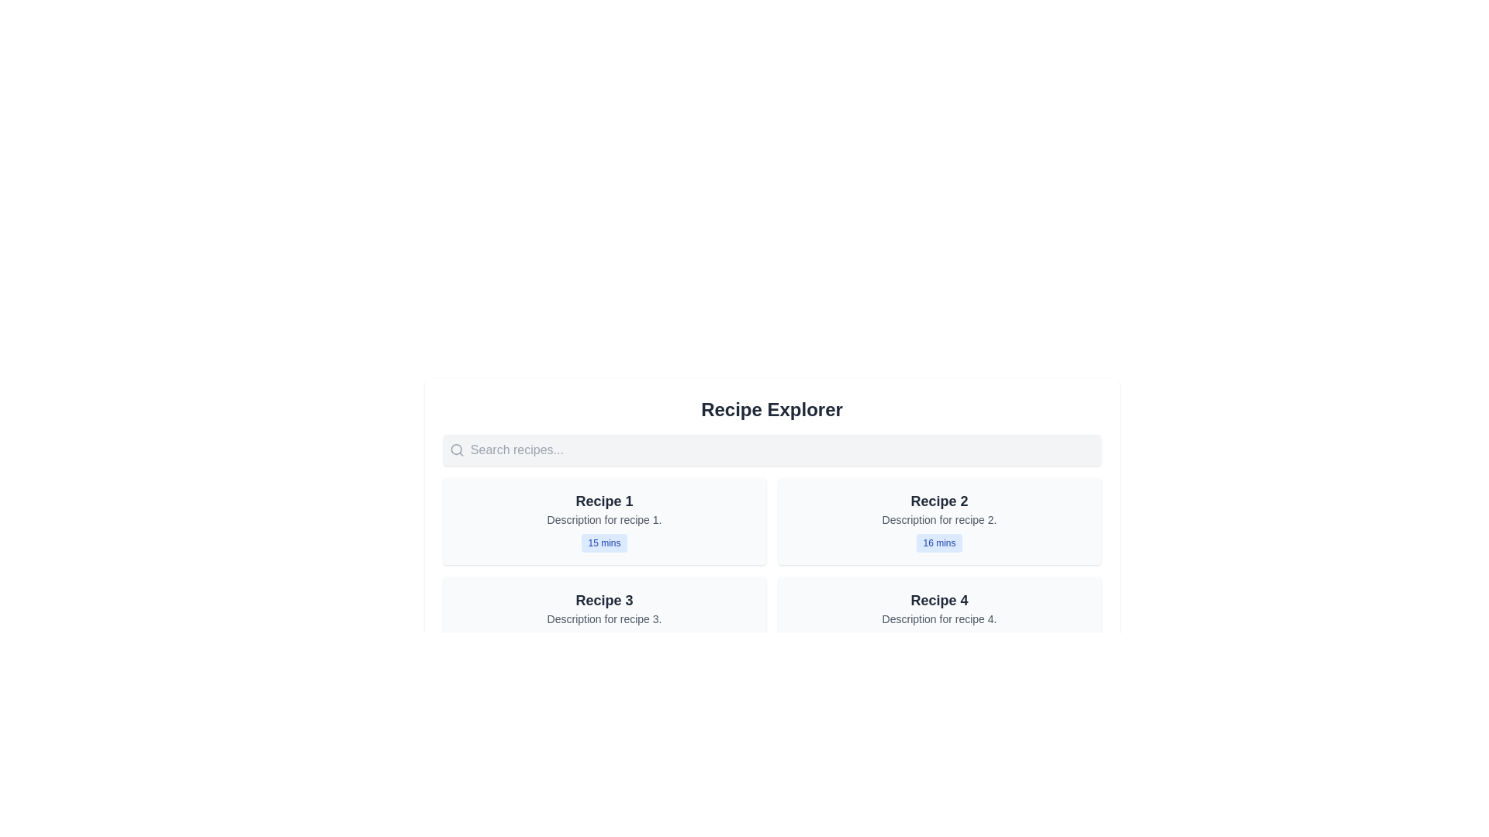 The height and width of the screenshot is (837, 1489). What do you see at coordinates (603, 600) in the screenshot?
I see `the header text indicating the name of 'Recipe 3'` at bounding box center [603, 600].